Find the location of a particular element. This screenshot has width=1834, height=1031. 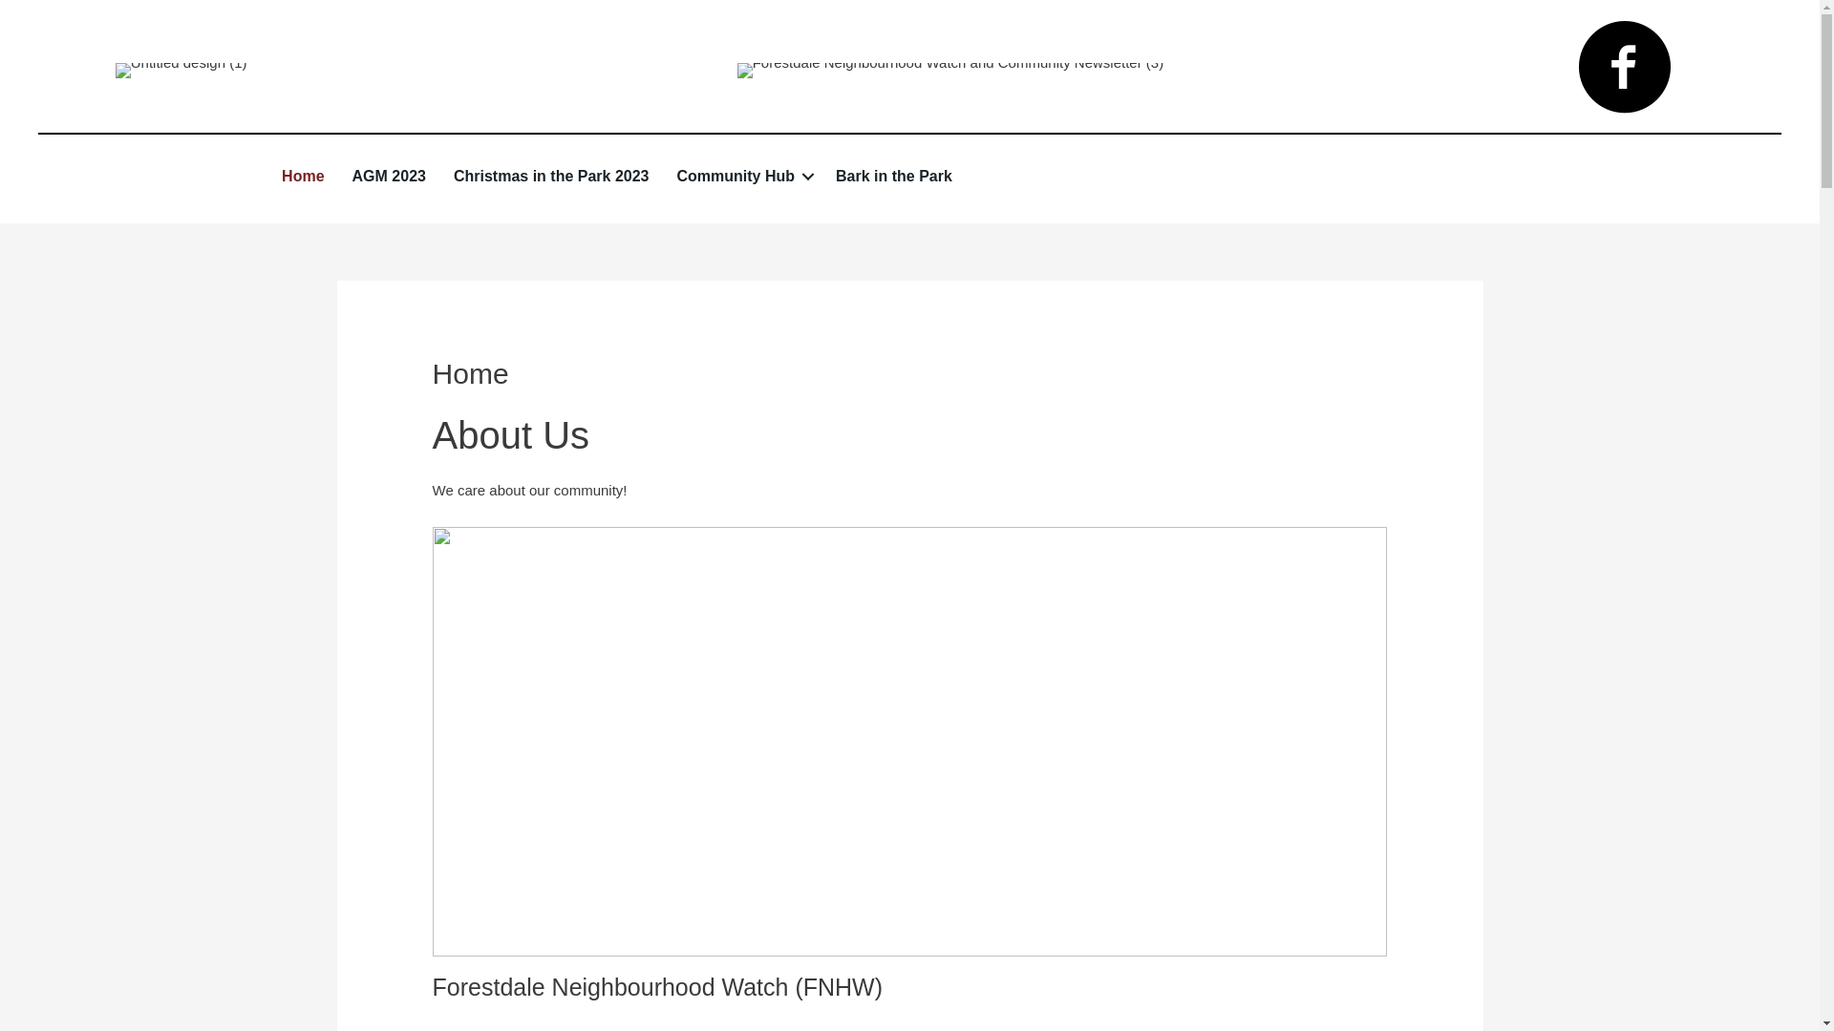

'Christmas in the Park 2023' is located at coordinates (438, 177).